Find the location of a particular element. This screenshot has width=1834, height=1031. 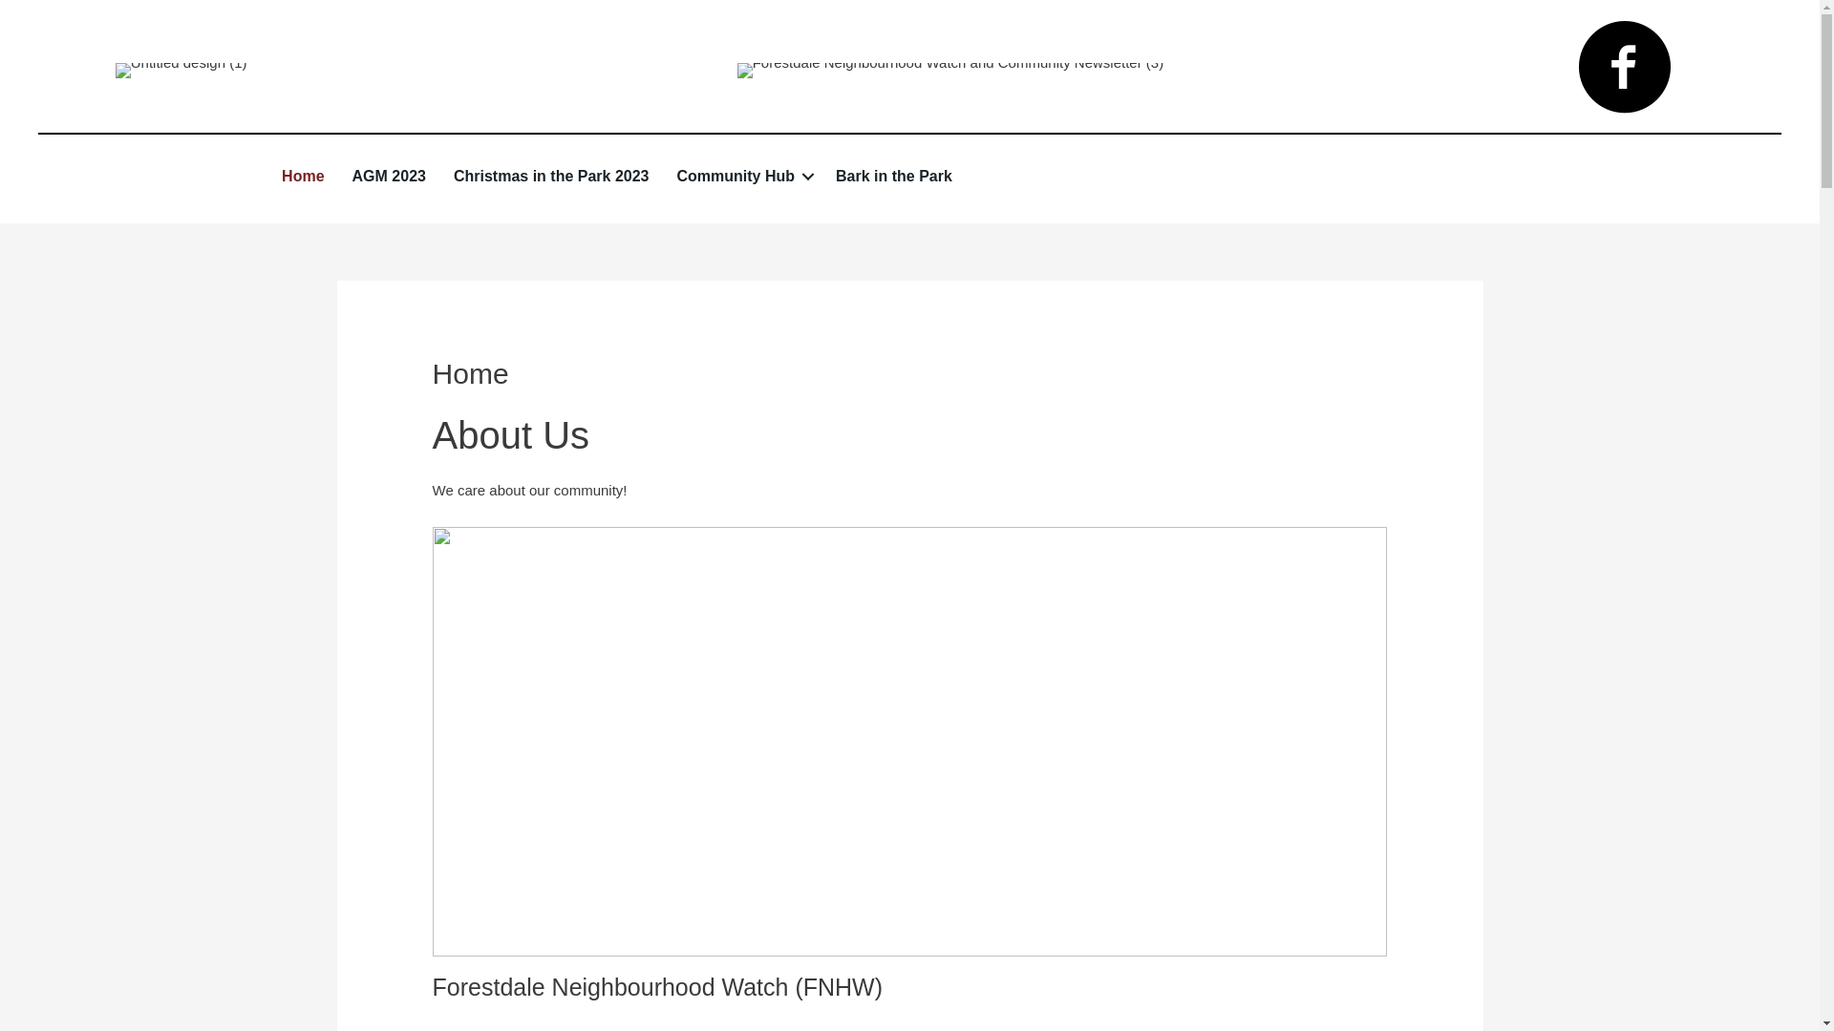

'Christmas in the Park 2023' is located at coordinates (438, 177).